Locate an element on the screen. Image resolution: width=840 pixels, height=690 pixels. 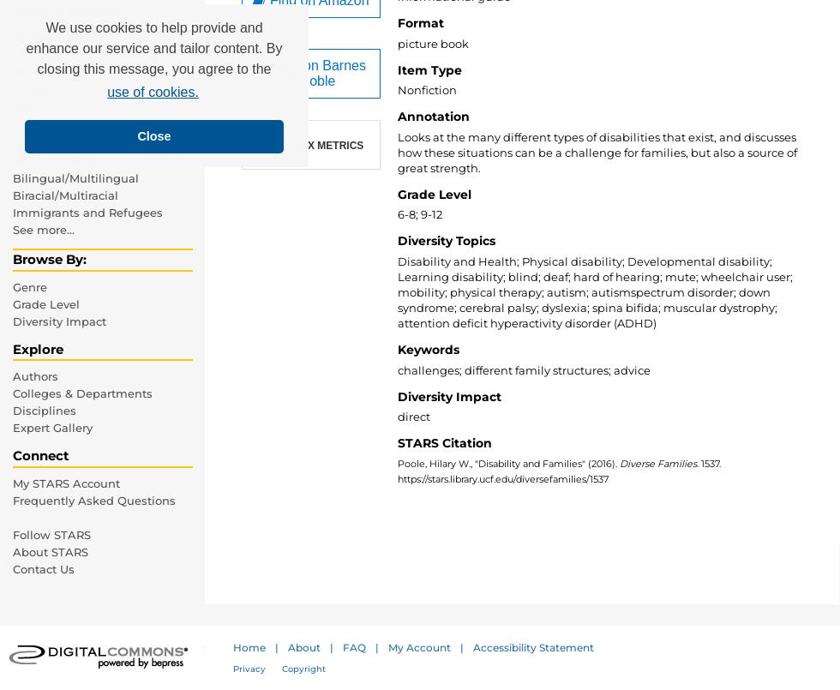
'Bicultural/Multicultural' is located at coordinates (78, 159).